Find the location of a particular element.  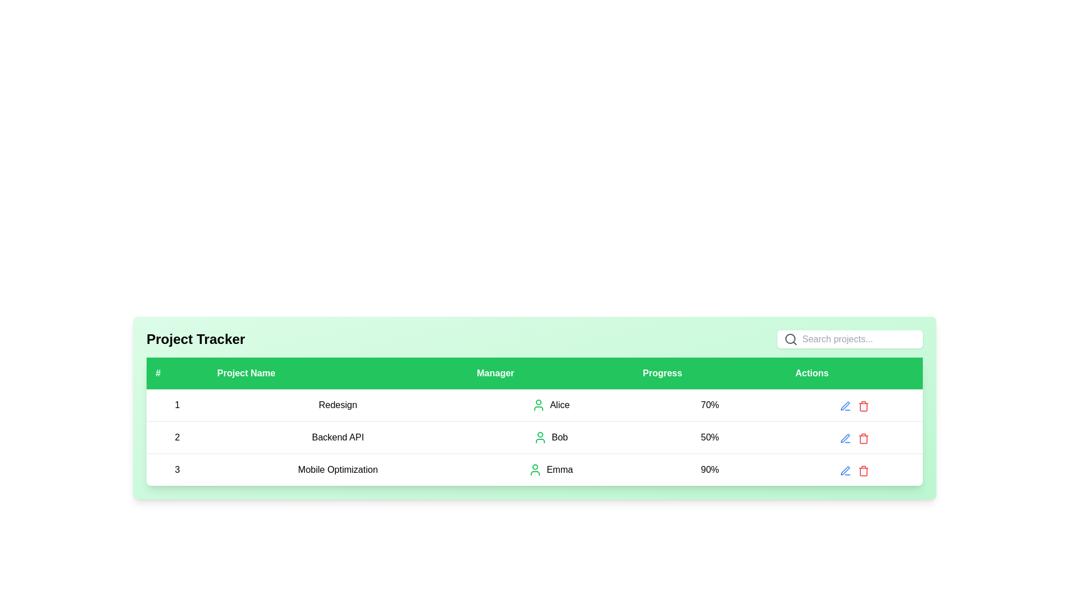

the edit button, which is the second interactive icon within the action buttons of the last row in the table is located at coordinates (845, 471).